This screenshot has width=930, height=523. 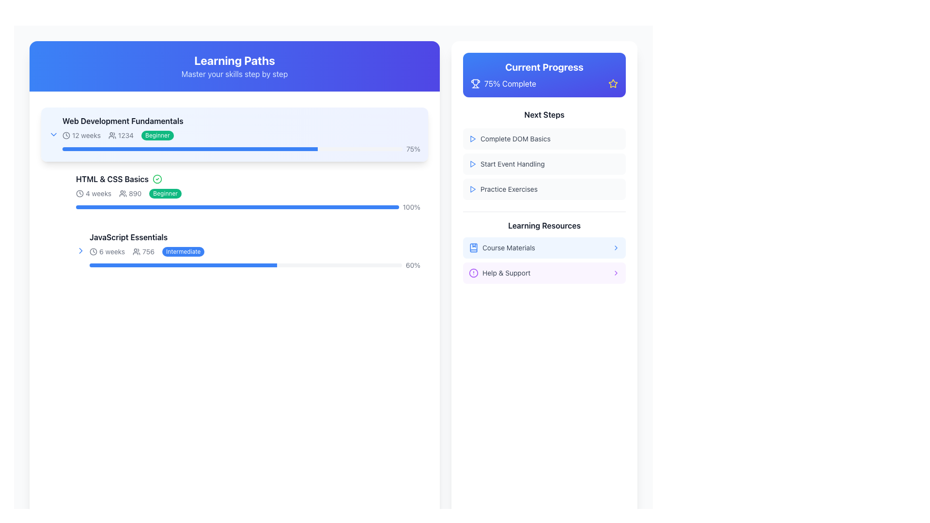 I want to click on the numerical value '756' with the accompanying icon in the 'JavaScript Essentials' section, positioned between '6 weeks' and 'Intermediate', so click(x=143, y=251).